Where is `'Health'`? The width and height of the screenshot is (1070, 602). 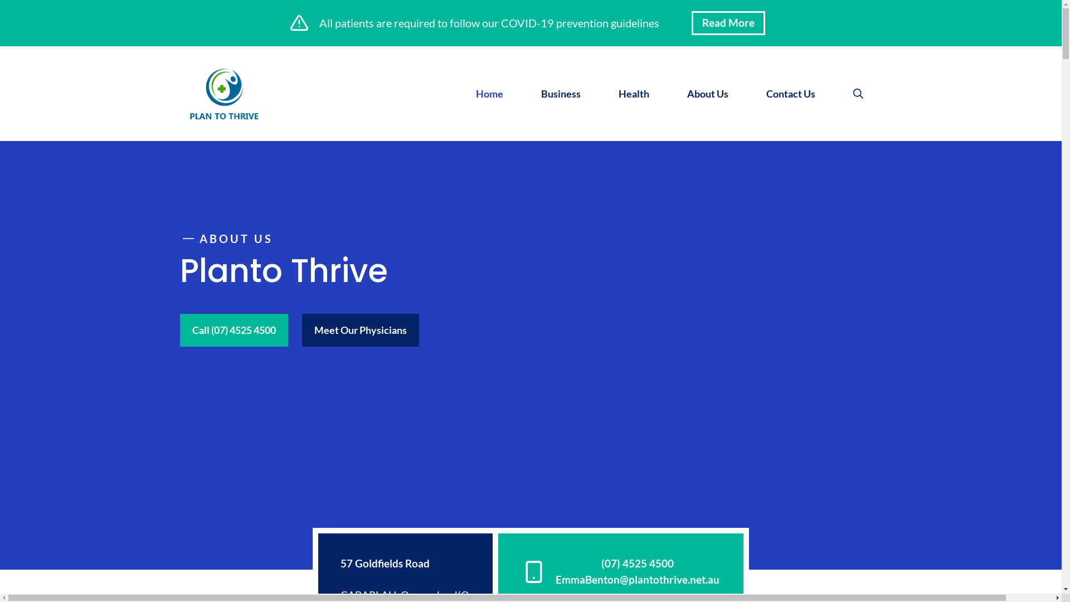
'Health' is located at coordinates (634, 93).